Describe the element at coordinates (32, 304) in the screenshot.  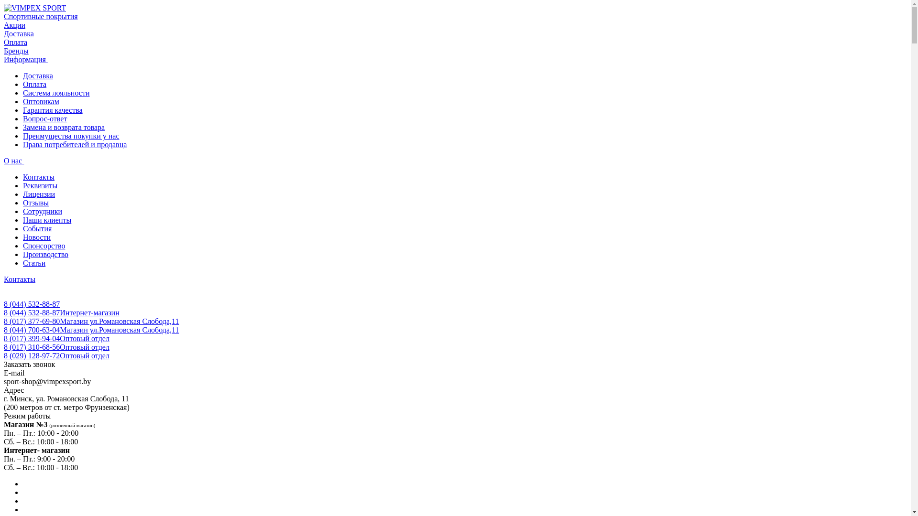
I see `'8 (044) 532-88-87'` at that location.